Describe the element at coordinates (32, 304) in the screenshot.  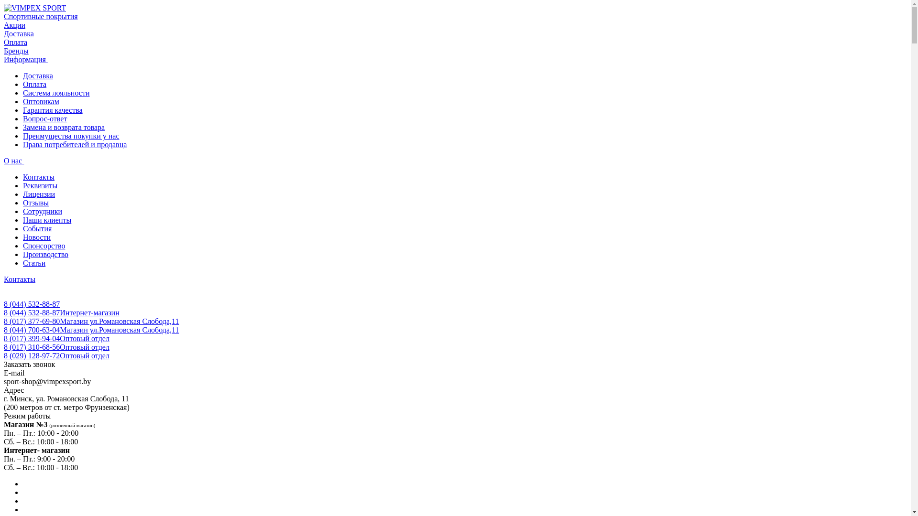
I see `'8 (044) 532-88-87'` at that location.